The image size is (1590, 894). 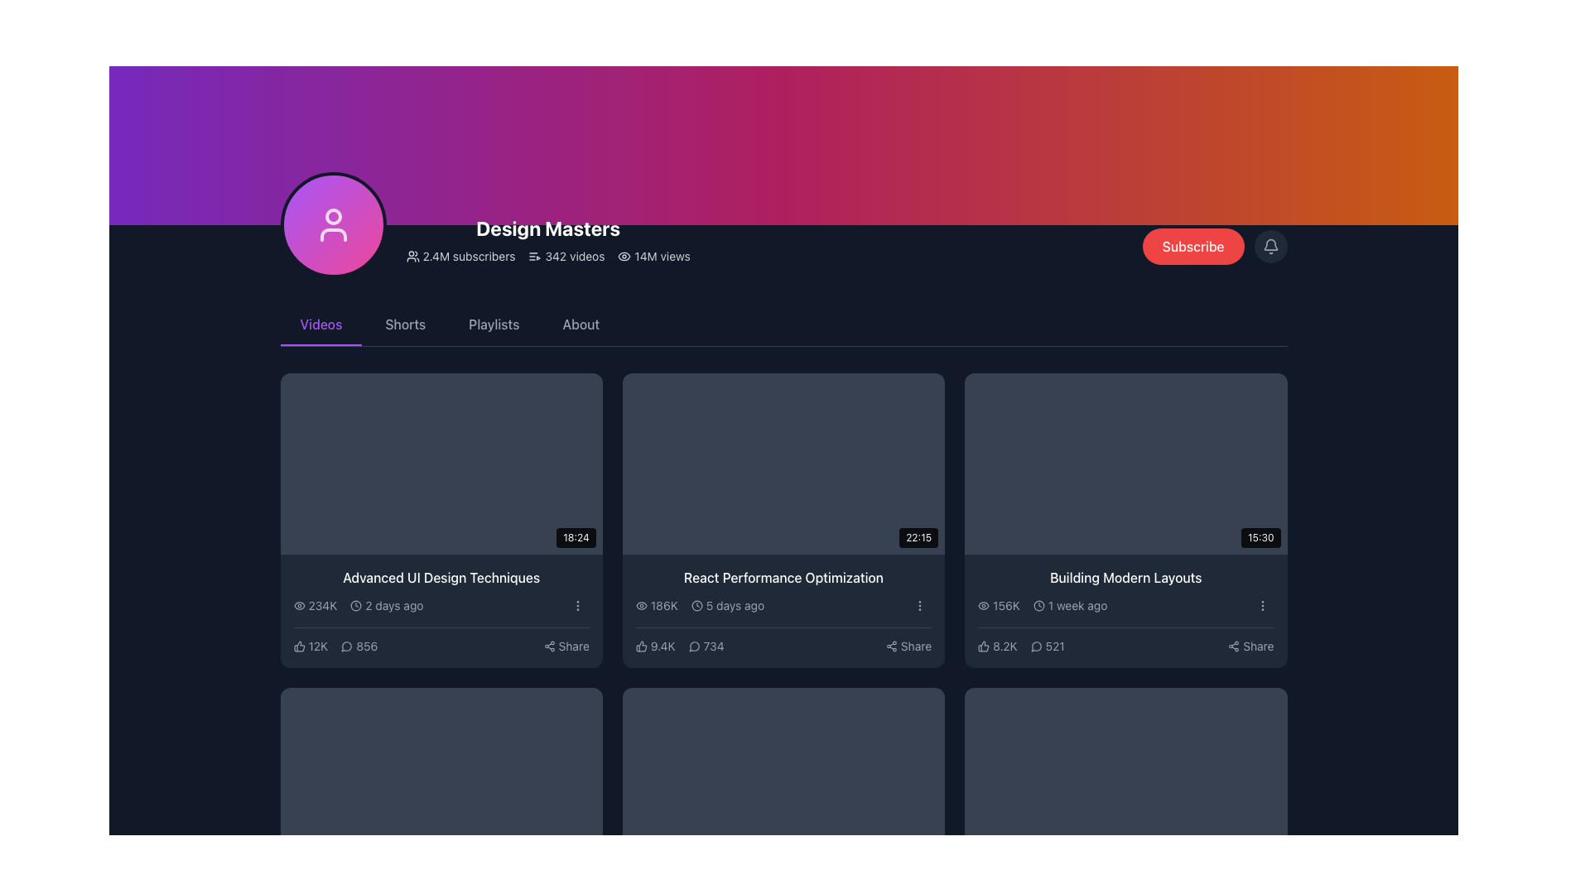 I want to click on the video thumbnail representing a 15 minutes and 30 seconds video to initiate playback or navigate to the video details, so click(x=1125, y=464).